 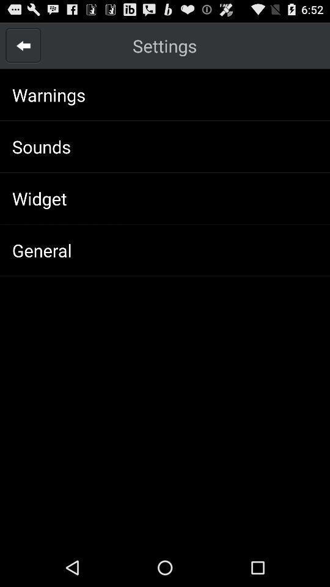 I want to click on the warnings, so click(x=48, y=94).